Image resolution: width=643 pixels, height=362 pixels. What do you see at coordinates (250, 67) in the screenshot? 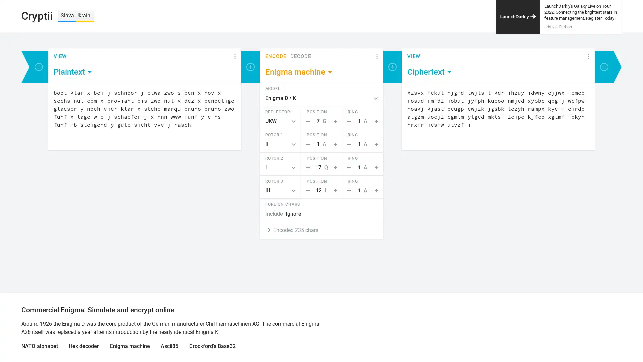
I see `Add encoder or viewer` at bounding box center [250, 67].